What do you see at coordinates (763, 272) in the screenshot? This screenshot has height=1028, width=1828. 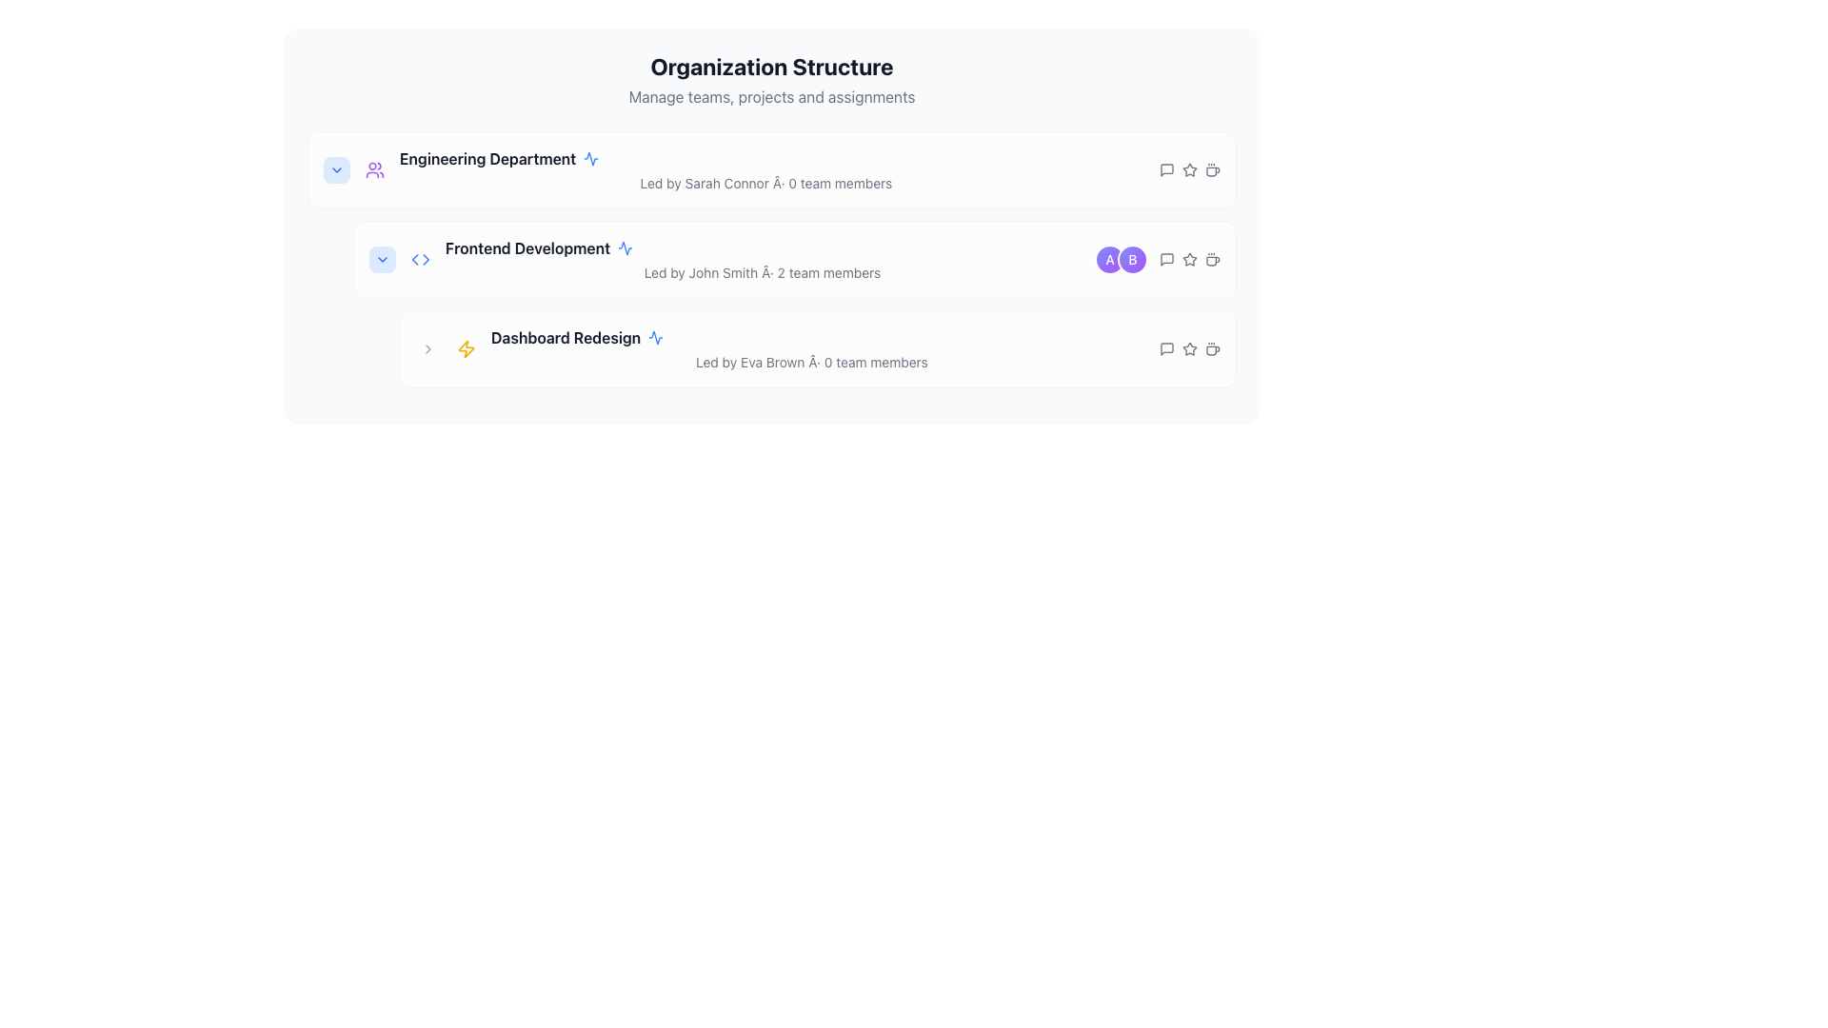 I see `the informational text about the leader and team members in the 'Frontend Development' section, which is centrally aligned beneath the section title` at bounding box center [763, 272].